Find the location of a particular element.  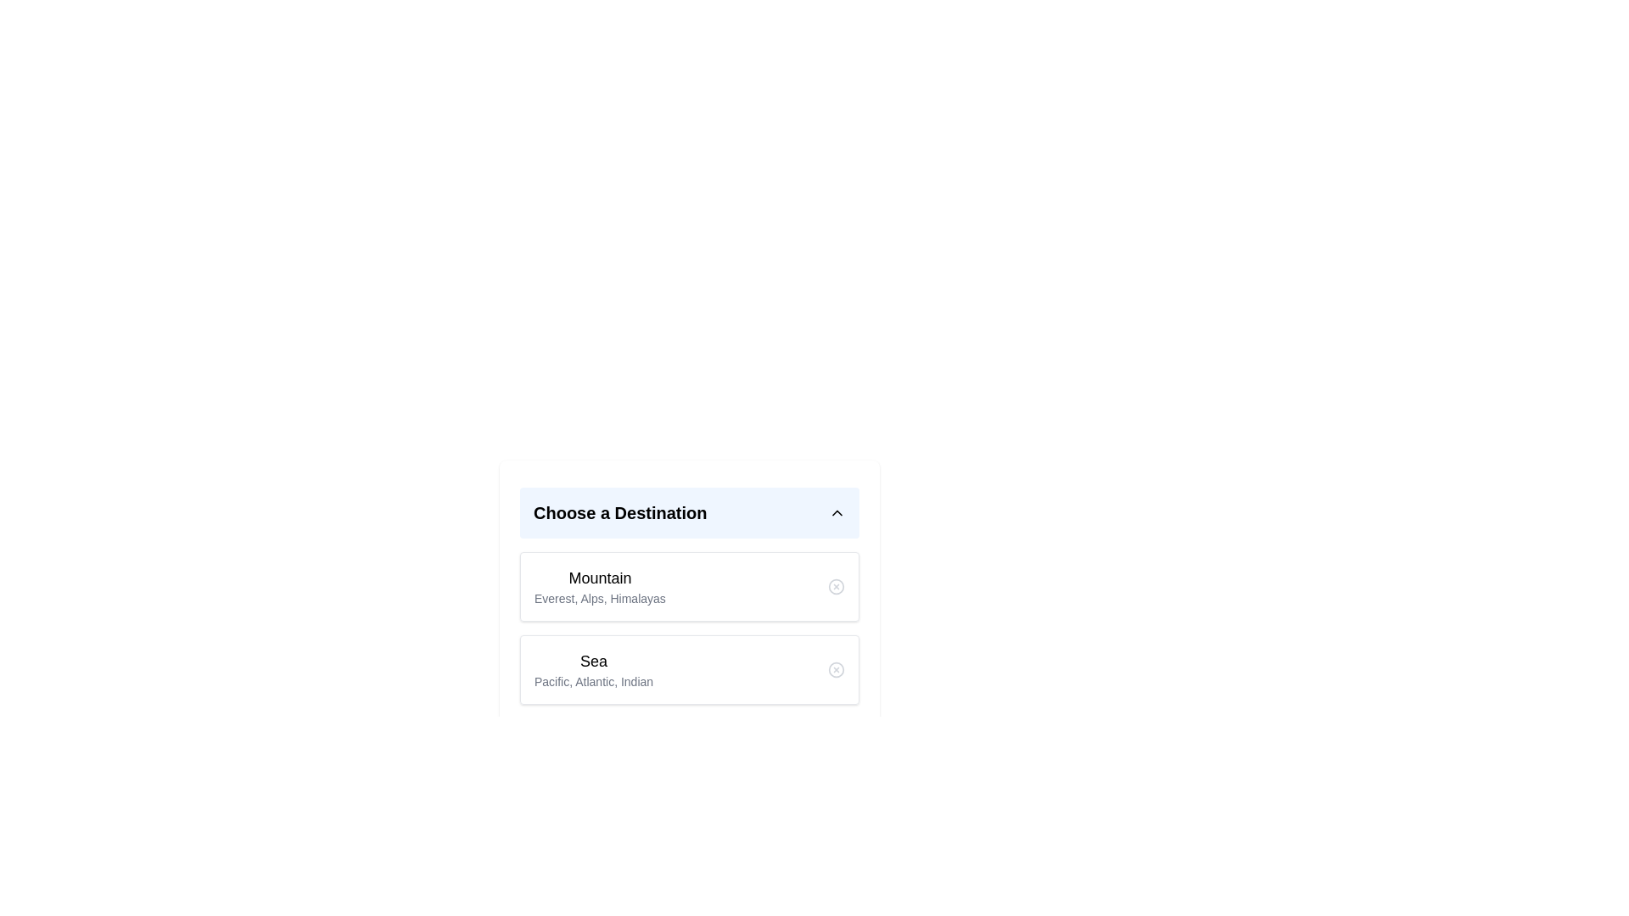

the close button in the upper right corner of the 'Sea' card is located at coordinates (836, 669).